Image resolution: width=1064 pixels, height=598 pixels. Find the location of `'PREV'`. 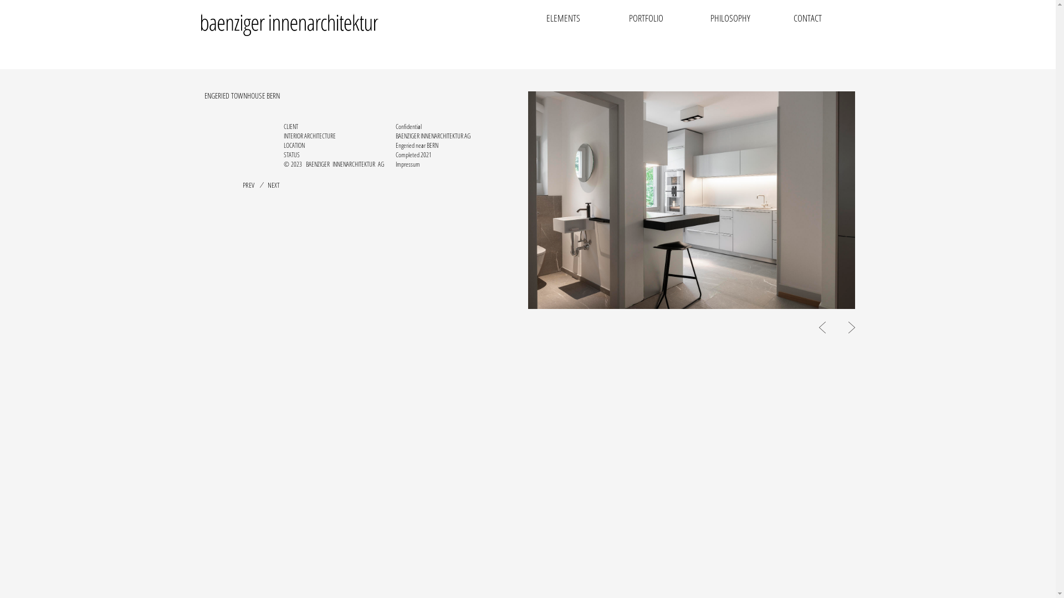

'PREV' is located at coordinates (248, 184).